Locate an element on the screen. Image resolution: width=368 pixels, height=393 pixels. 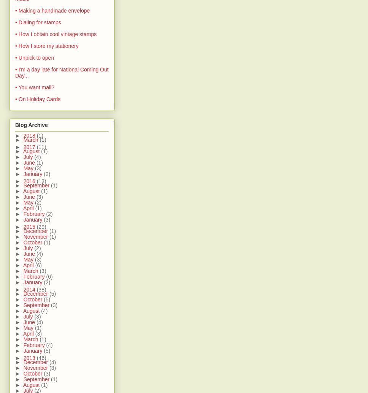
'• How I store my stationery' is located at coordinates (46, 46).